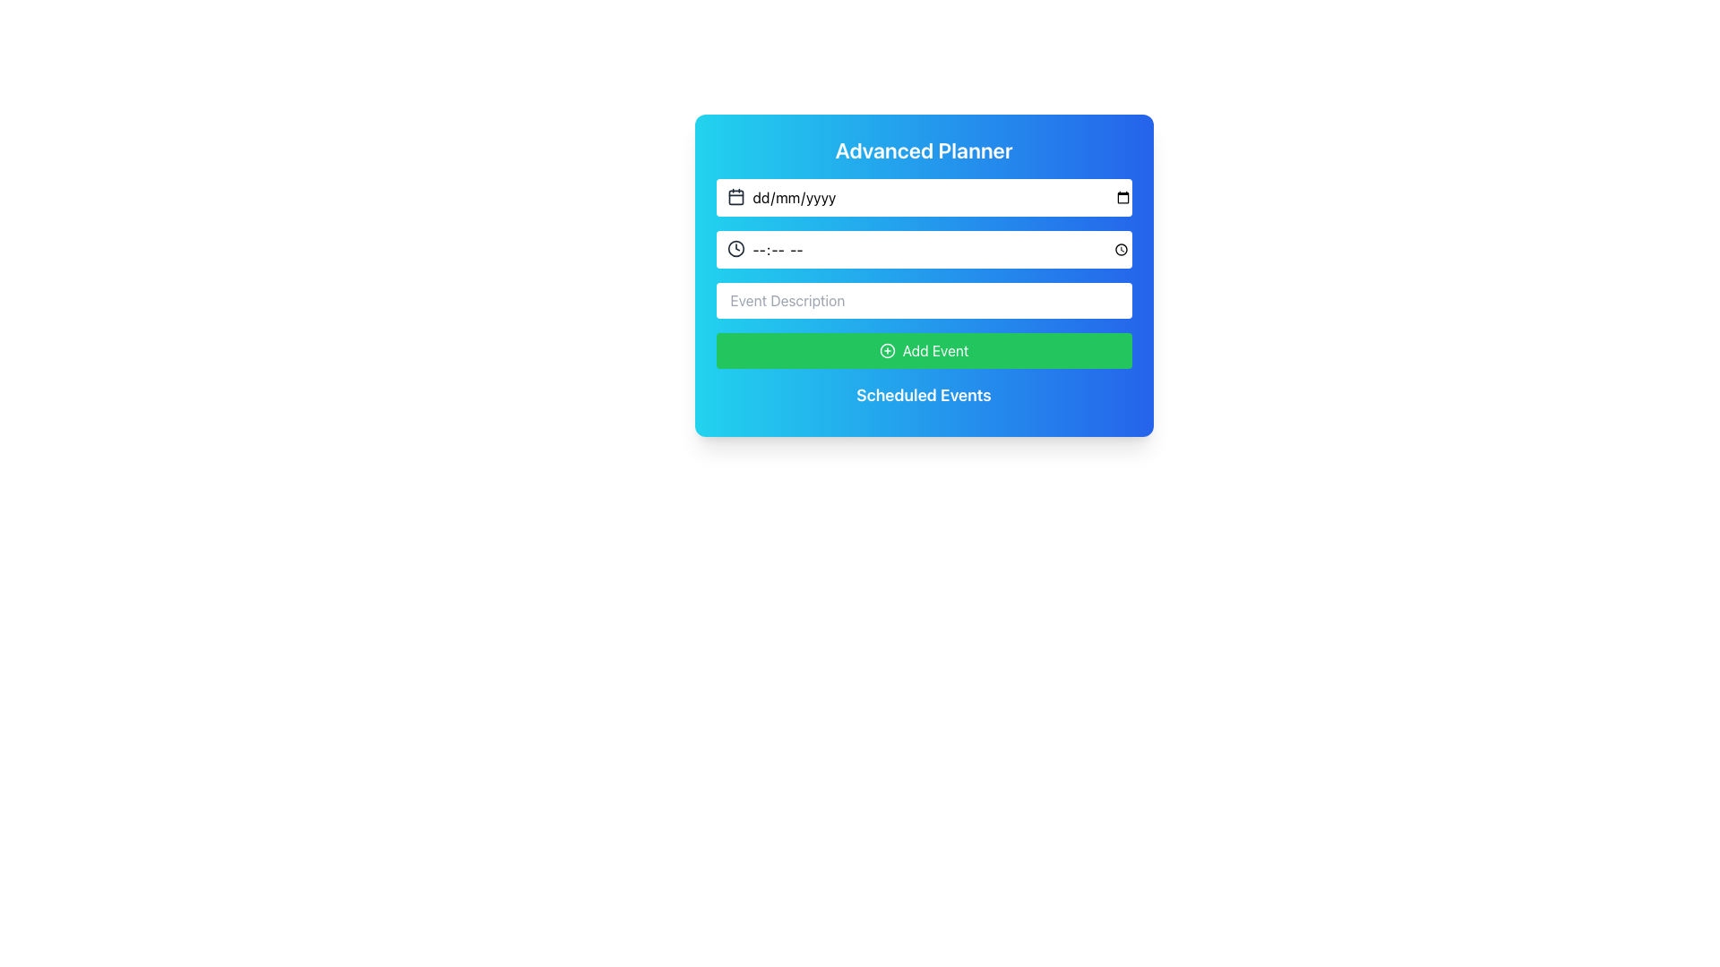 Image resolution: width=1720 pixels, height=967 pixels. Describe the element at coordinates (735, 197) in the screenshot. I see `the decorative rectangular shape within the calendar icon located on the left side of the date input in the 'Advanced Planner' interface` at that location.